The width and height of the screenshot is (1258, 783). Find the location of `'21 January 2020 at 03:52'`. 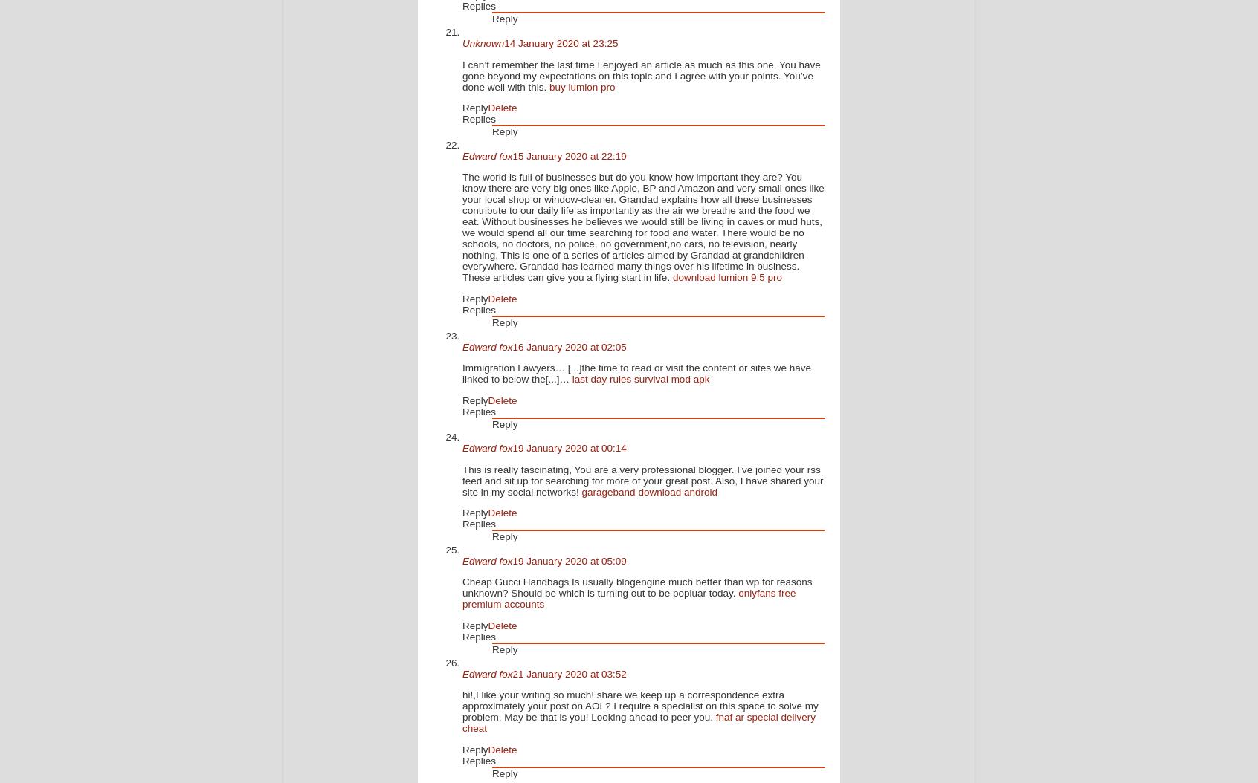

'21 January 2020 at 03:52' is located at coordinates (568, 672).